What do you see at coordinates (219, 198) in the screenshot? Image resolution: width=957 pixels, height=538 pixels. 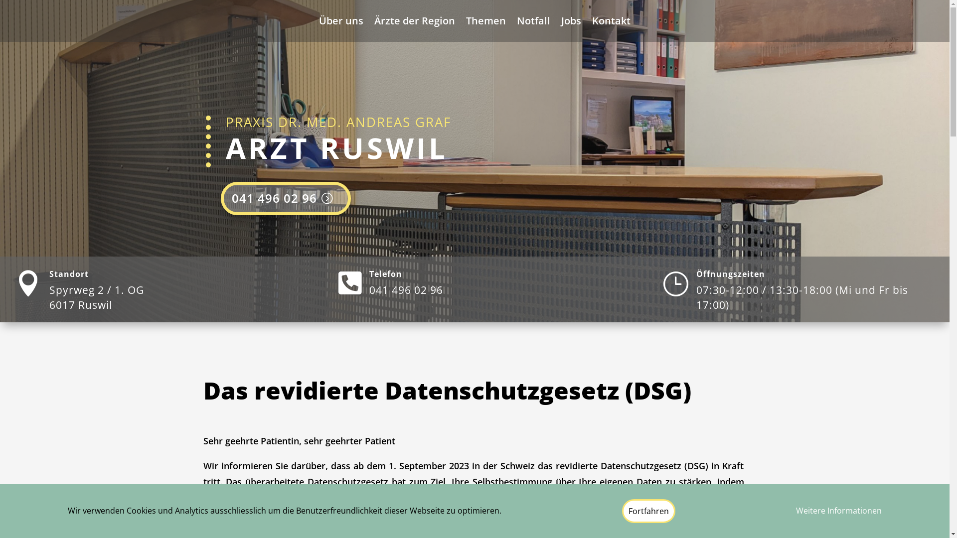 I see `'041 496 02 96'` at bounding box center [219, 198].